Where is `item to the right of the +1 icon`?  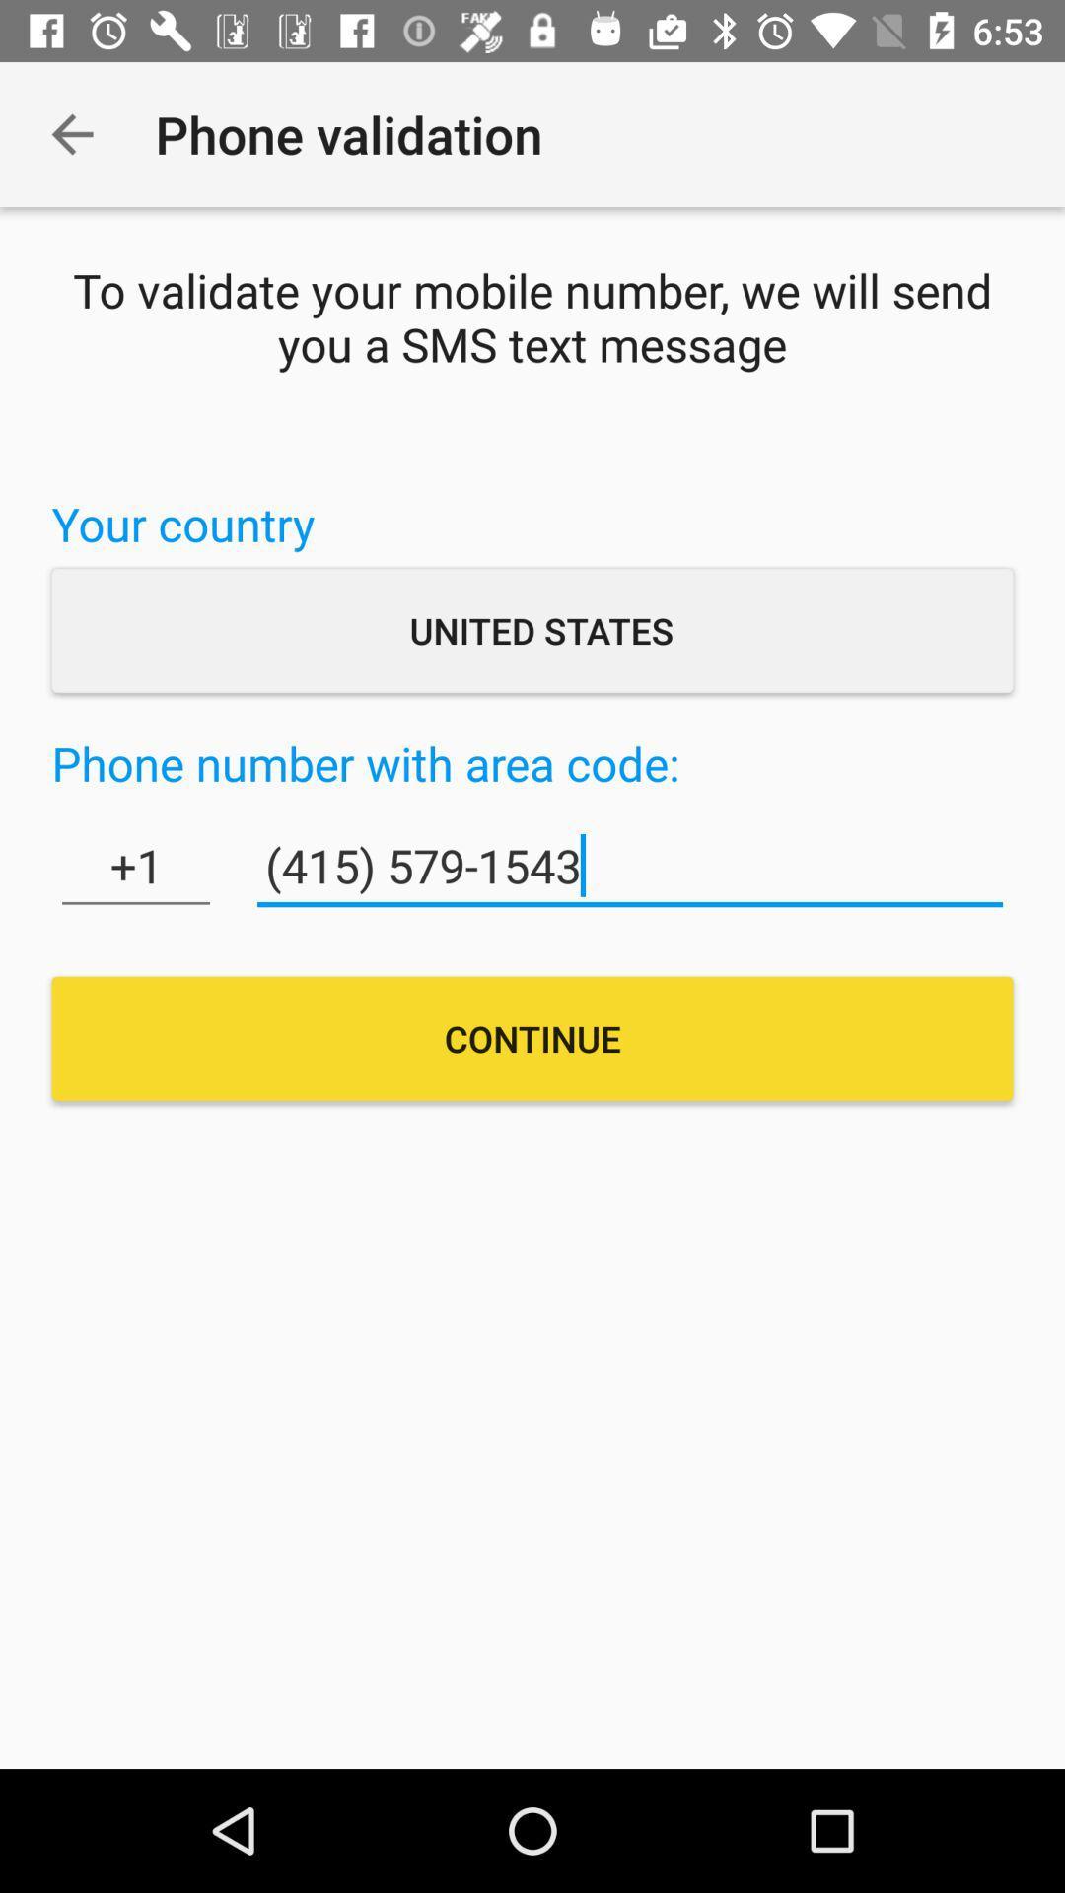
item to the right of the +1 icon is located at coordinates (630, 866).